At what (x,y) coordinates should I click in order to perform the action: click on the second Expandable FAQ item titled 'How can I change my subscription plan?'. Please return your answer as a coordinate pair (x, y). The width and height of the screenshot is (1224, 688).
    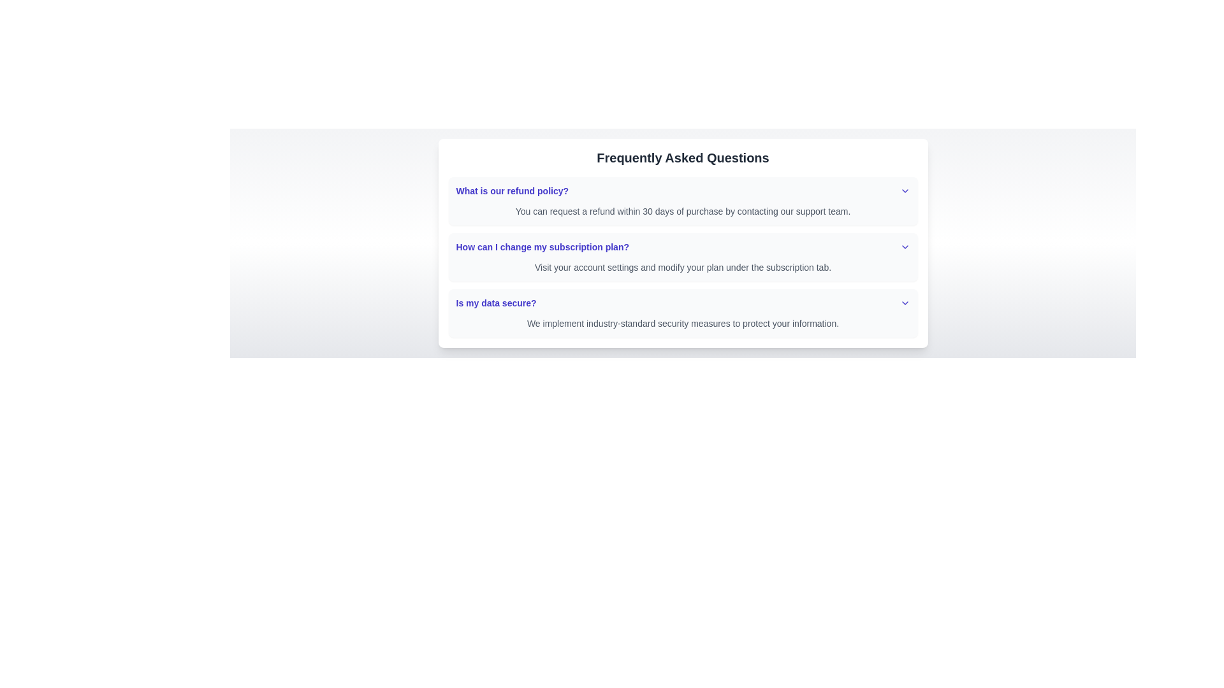
    Looking at the image, I should click on (682, 257).